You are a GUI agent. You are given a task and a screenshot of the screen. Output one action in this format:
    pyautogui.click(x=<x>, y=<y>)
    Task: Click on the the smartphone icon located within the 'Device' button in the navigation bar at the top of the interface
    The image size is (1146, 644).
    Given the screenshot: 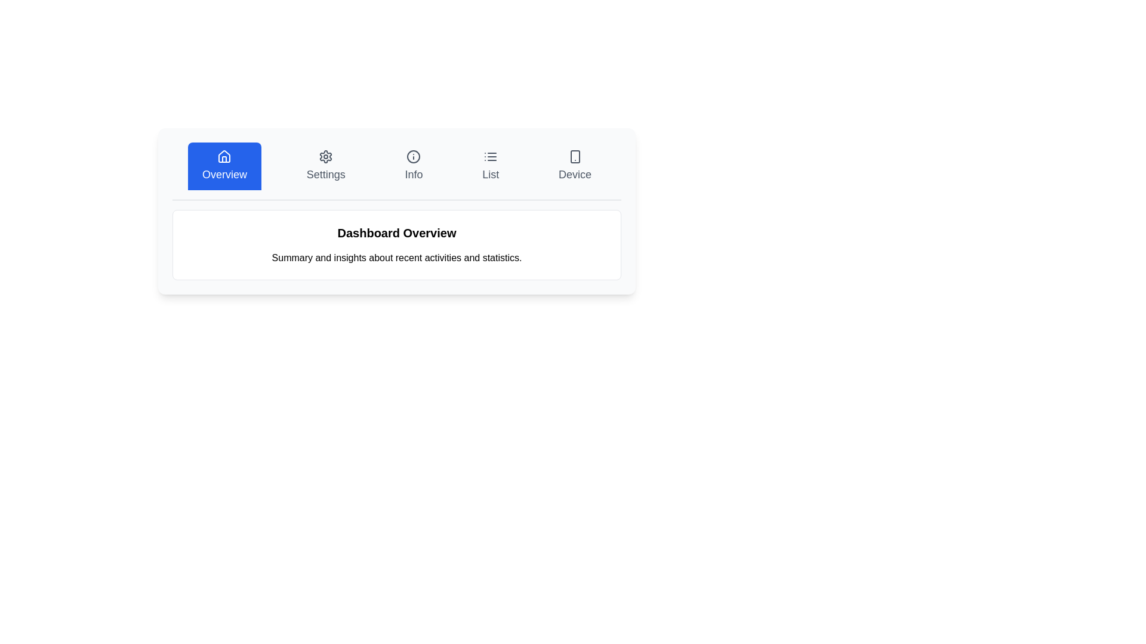 What is the action you would take?
    pyautogui.click(x=575, y=156)
    